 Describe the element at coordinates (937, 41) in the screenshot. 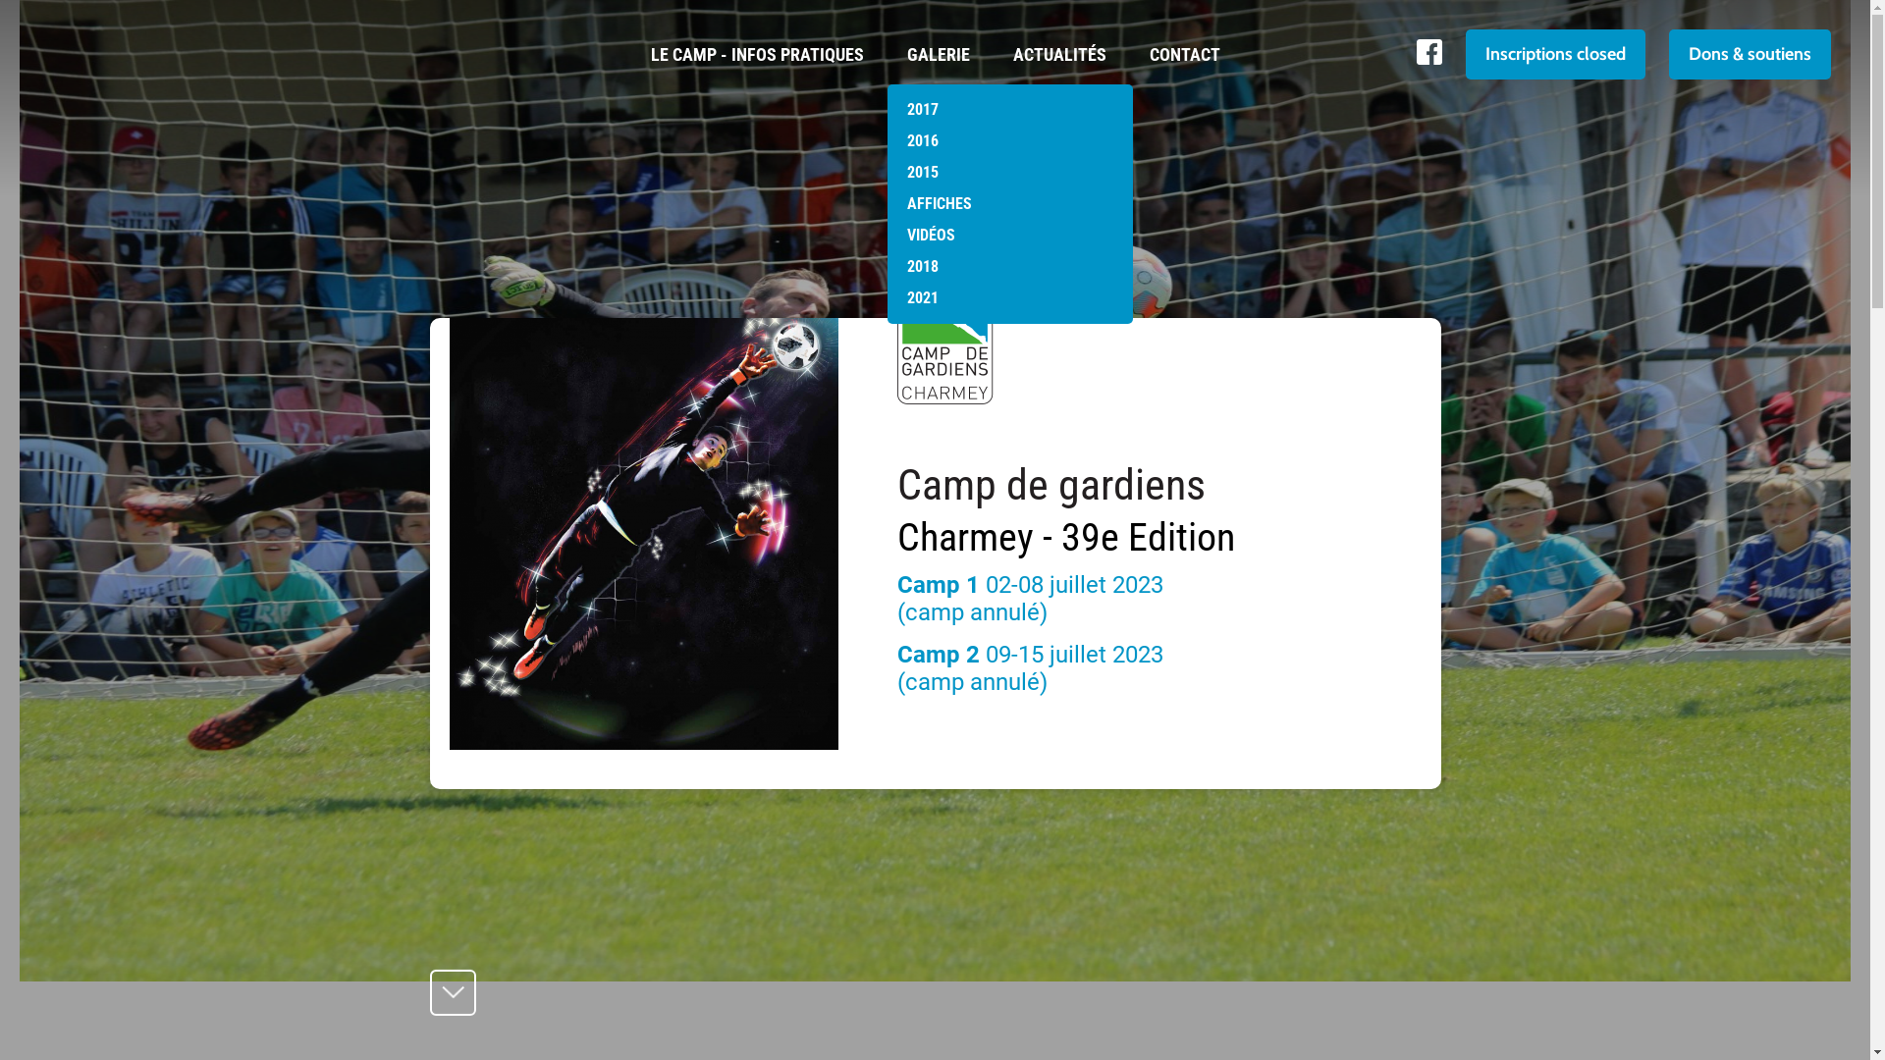

I see `'GALERIE'` at that location.